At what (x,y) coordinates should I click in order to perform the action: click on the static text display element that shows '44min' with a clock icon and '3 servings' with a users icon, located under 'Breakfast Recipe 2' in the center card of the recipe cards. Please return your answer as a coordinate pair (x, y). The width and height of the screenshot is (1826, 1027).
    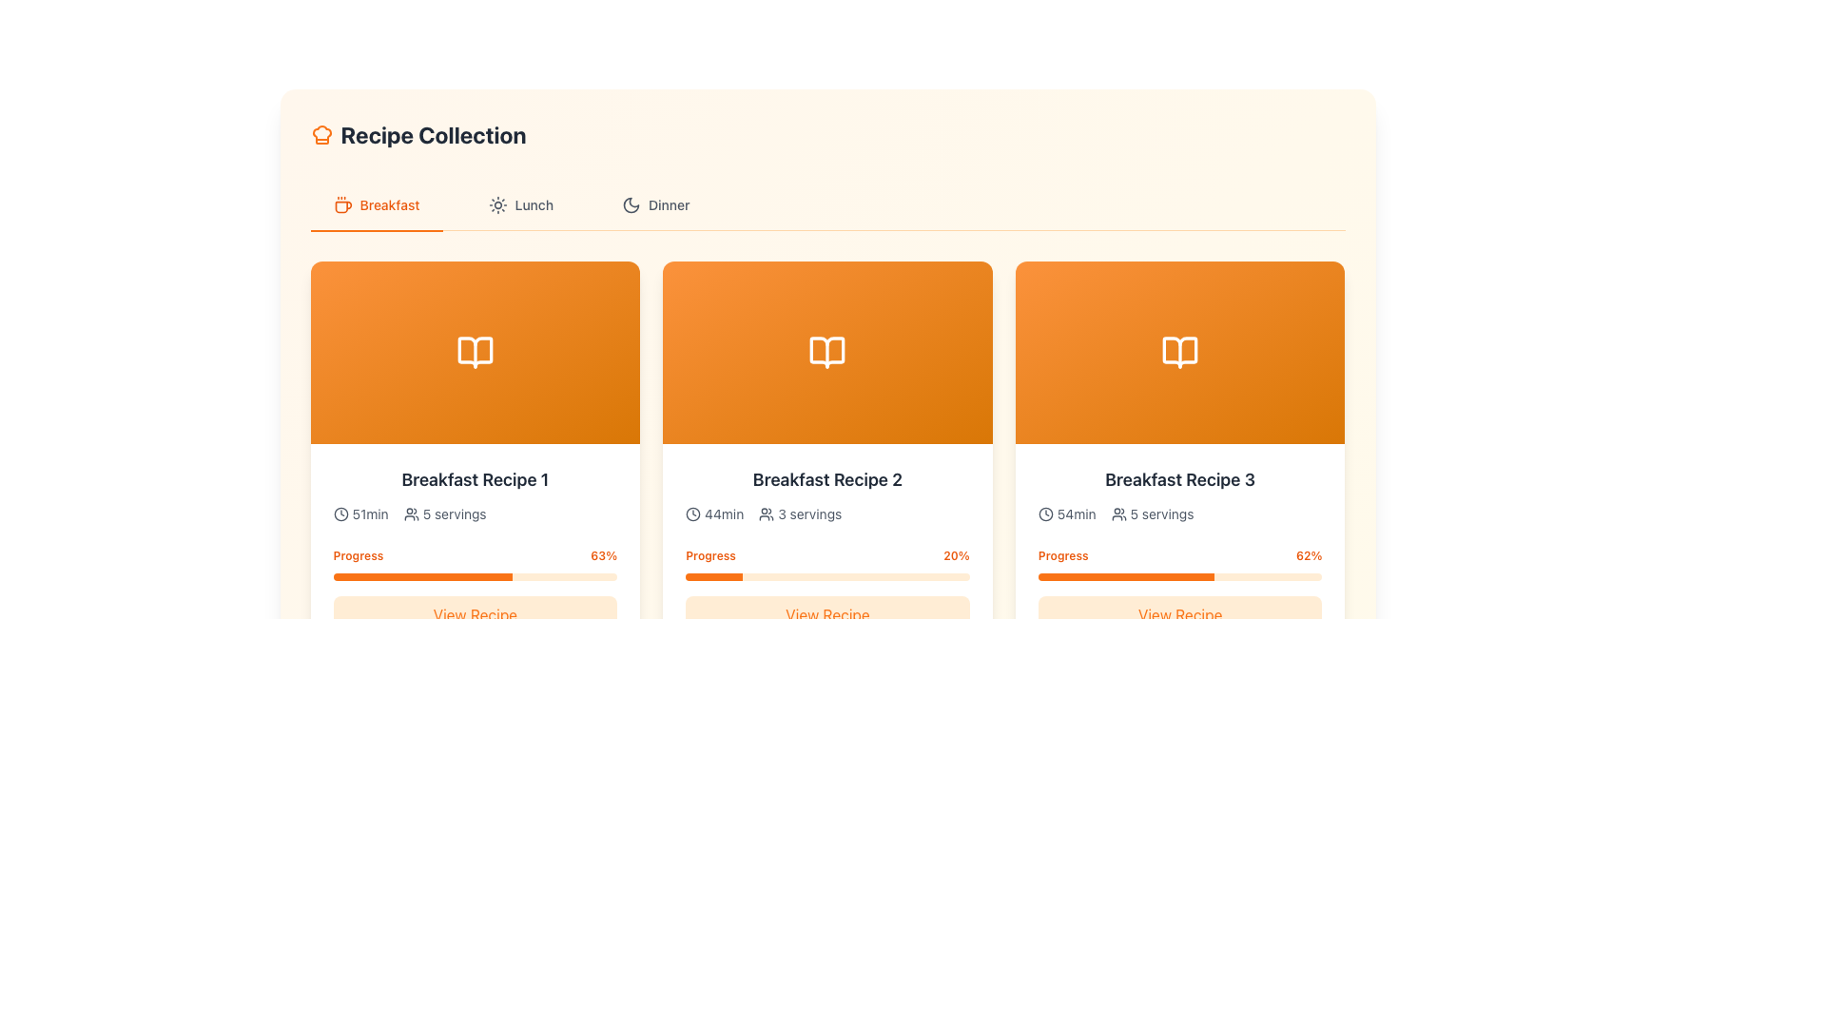
    Looking at the image, I should click on (827, 513).